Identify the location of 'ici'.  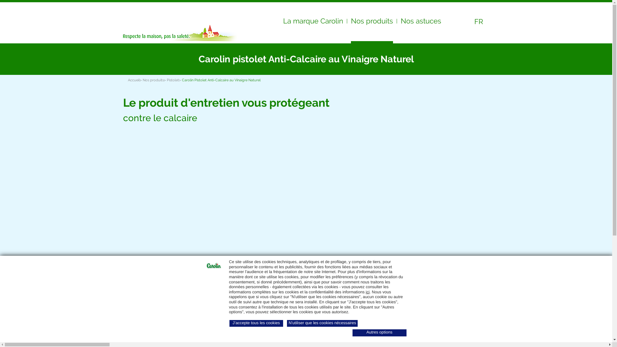
(367, 292).